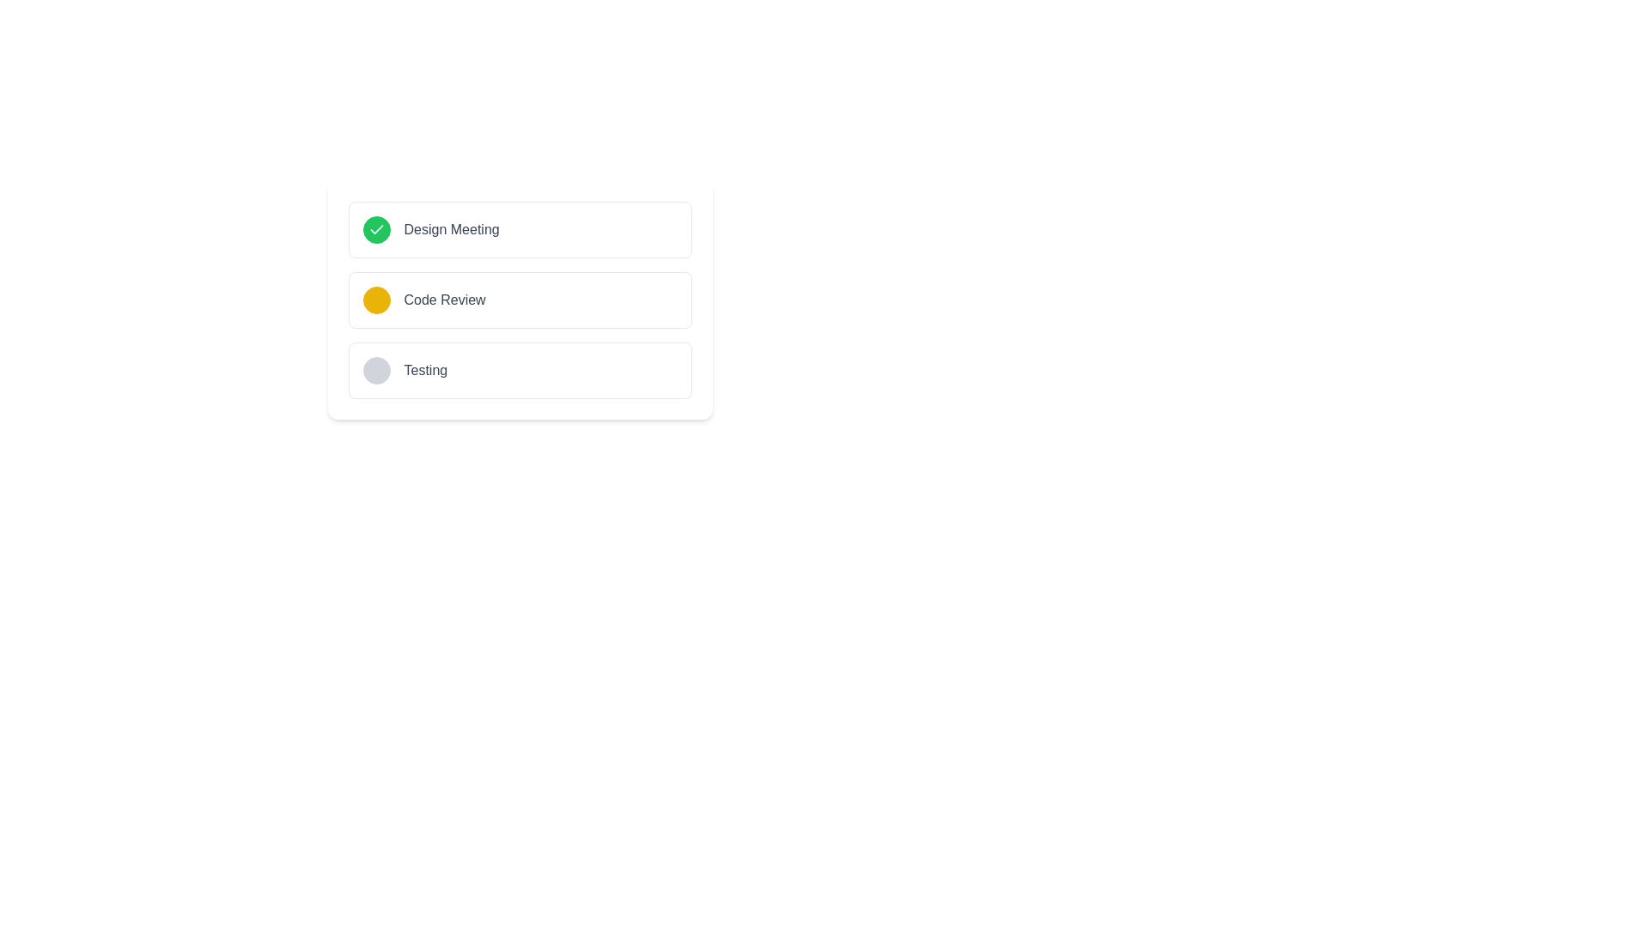 The width and height of the screenshot is (1649, 927). Describe the element at coordinates (375, 228) in the screenshot. I see `the green checkmark icon indicating confirmation for the 'Design Meeting' item in the vertical list of options` at that location.